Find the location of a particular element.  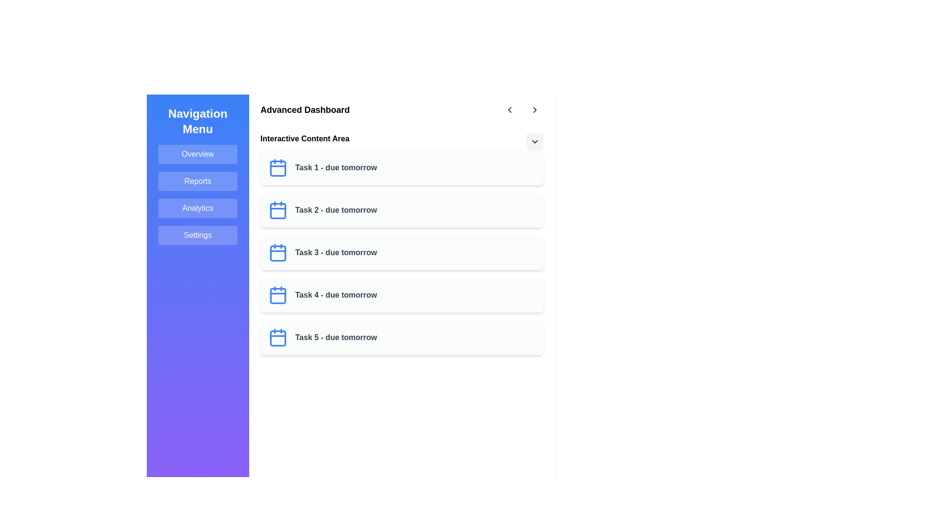

the first button in the horizontal group of two buttons near the top-right corner of the main content area is located at coordinates (509, 109).